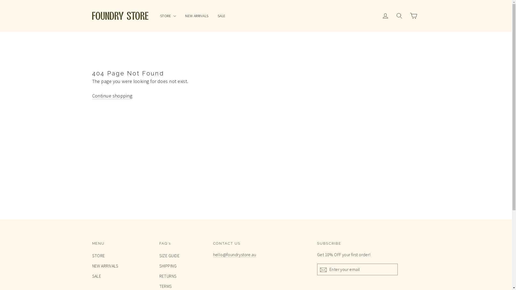 The width and height of the screenshot is (516, 290). I want to click on 'STORE', so click(92, 255).